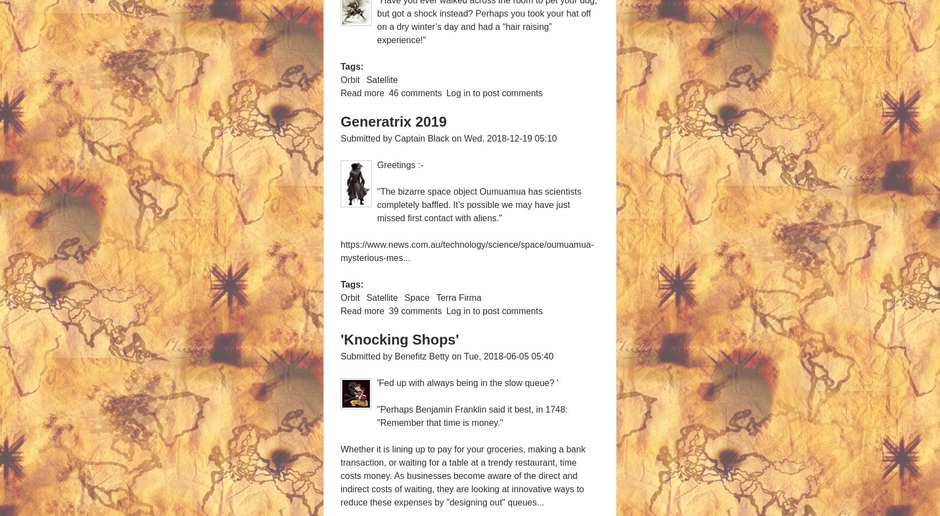 This screenshot has width=940, height=516. What do you see at coordinates (400, 165) in the screenshot?
I see `'Greetings :-'` at bounding box center [400, 165].